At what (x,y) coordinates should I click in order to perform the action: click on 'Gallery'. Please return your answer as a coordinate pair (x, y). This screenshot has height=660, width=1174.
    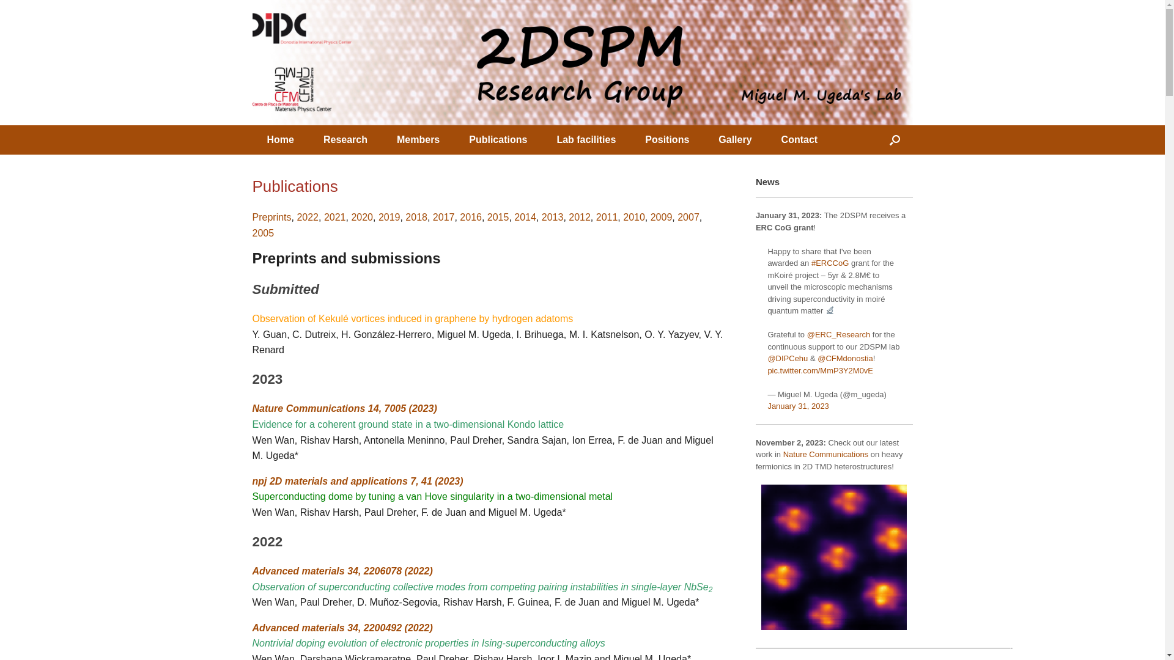
    Looking at the image, I should click on (734, 139).